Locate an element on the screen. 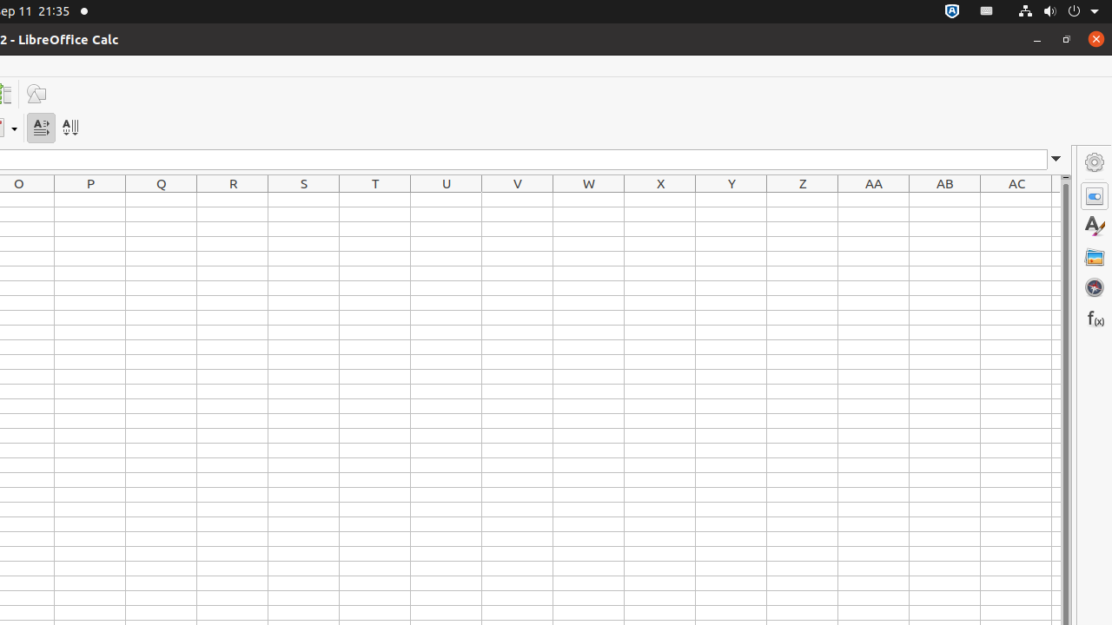 The width and height of the screenshot is (1112, 625). 'P1' is located at coordinates (89, 199).